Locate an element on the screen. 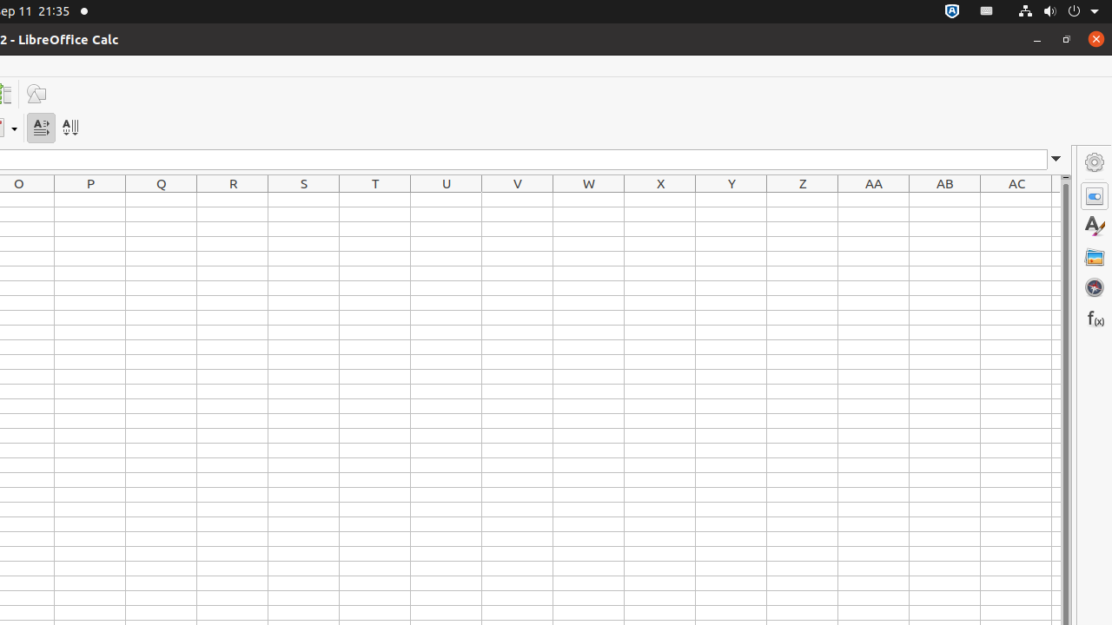 The width and height of the screenshot is (1112, 625). 'P1' is located at coordinates (89, 199).